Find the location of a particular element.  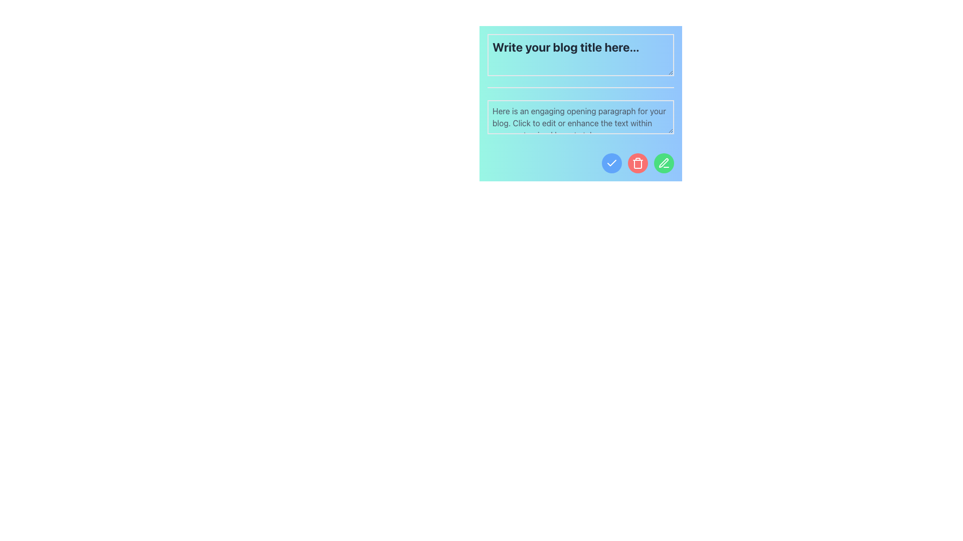

the confirmation icon in the bottom-left corner of the blog editor interface is located at coordinates (611, 163).